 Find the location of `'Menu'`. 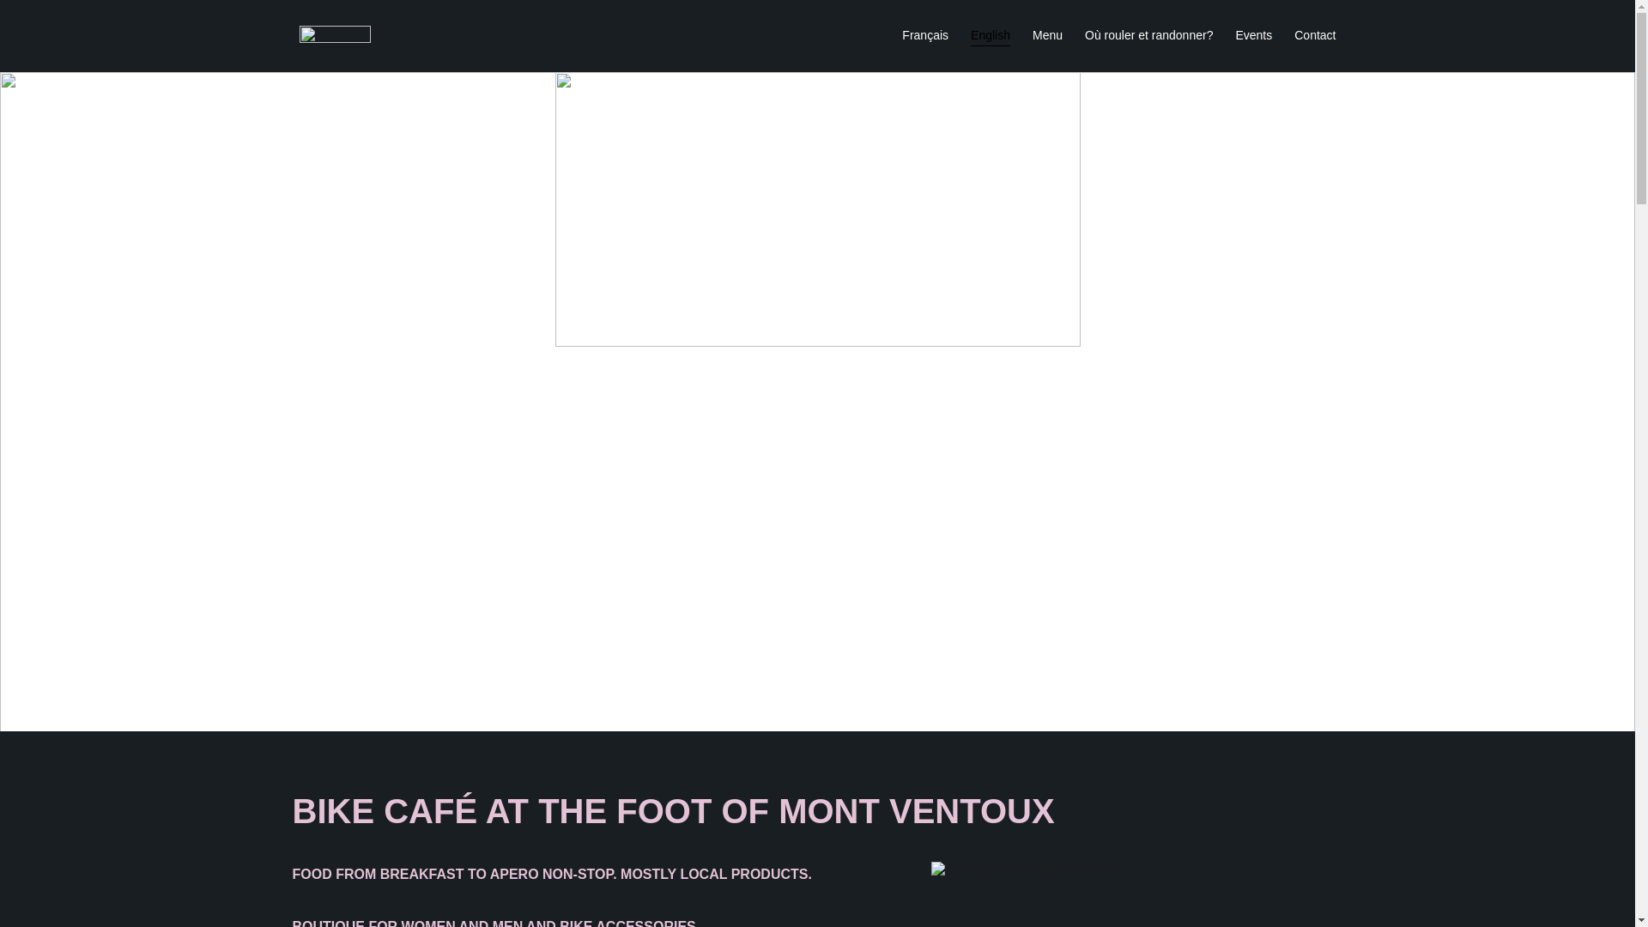

'Menu' is located at coordinates (1046, 36).